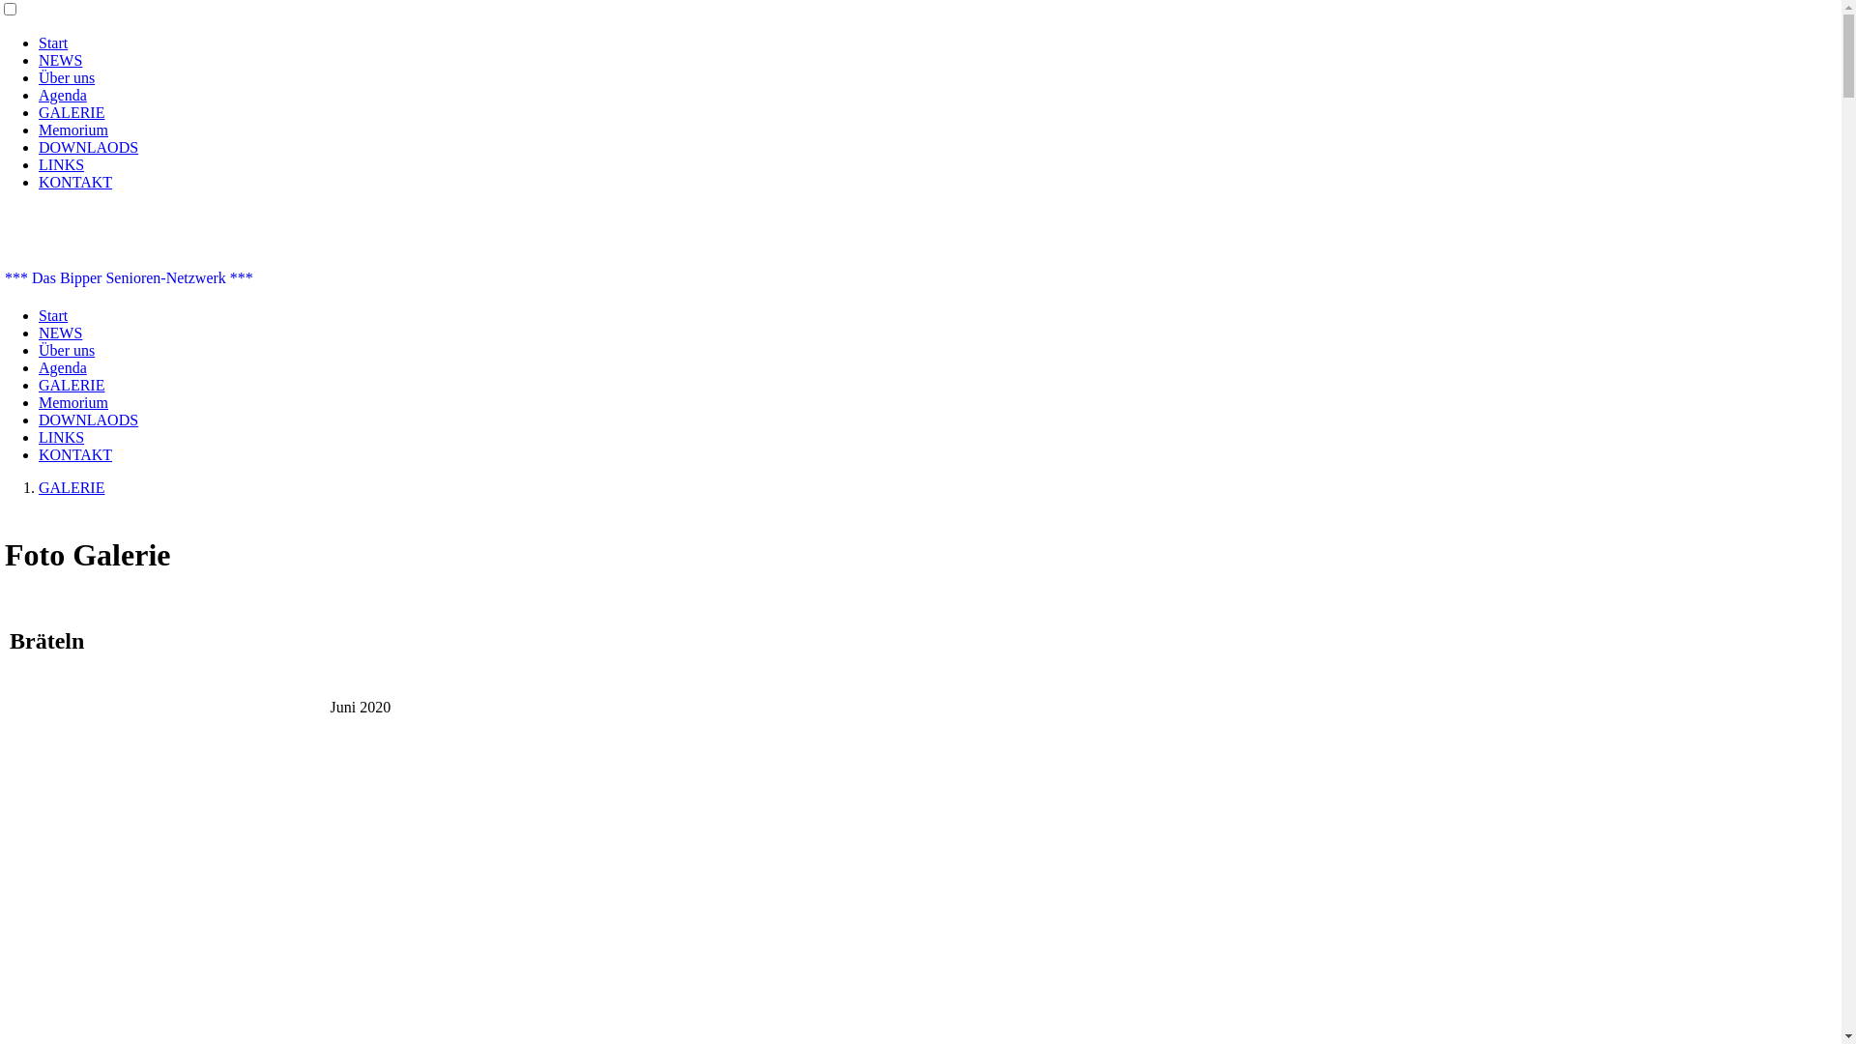  I want to click on 'GALERIE', so click(71, 486).